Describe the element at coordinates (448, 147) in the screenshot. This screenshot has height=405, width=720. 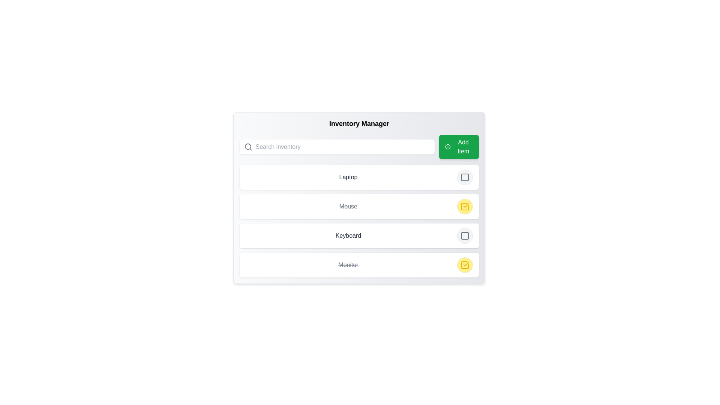
I see `the circular boundary element of the 'add' icon located near the top-right corner of the application's interface` at that location.